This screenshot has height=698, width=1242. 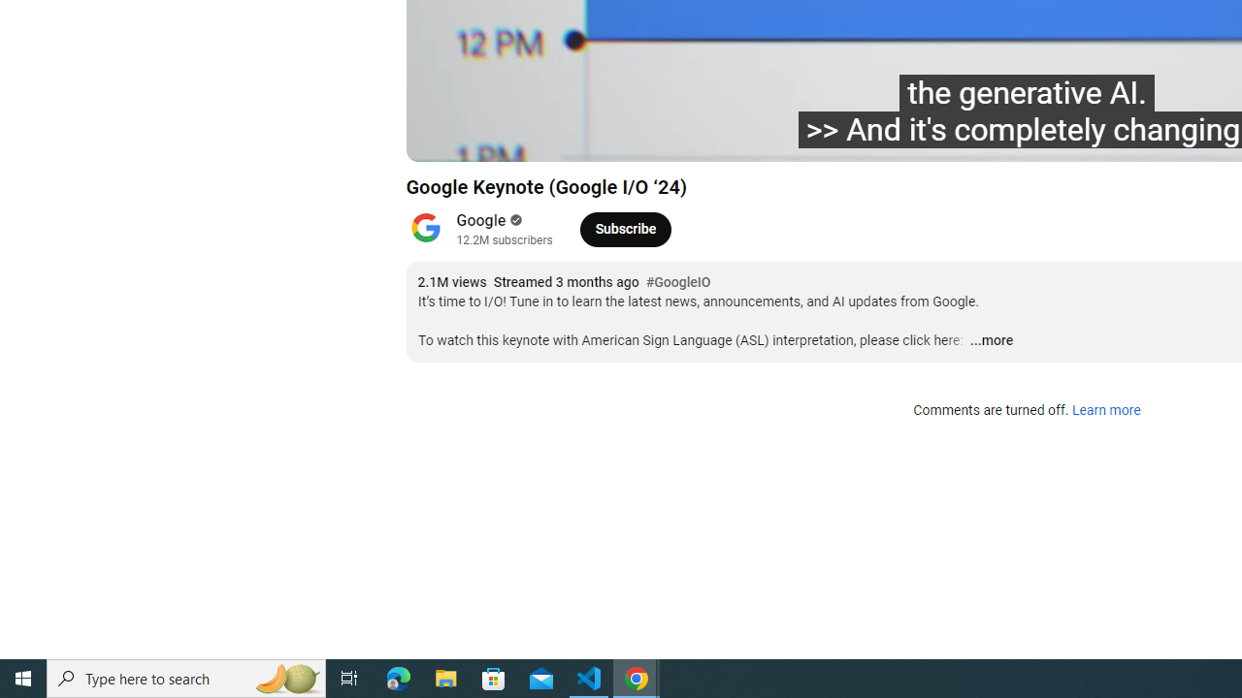 What do you see at coordinates (625, 228) in the screenshot?
I see `'Subscribe to Google.'` at bounding box center [625, 228].